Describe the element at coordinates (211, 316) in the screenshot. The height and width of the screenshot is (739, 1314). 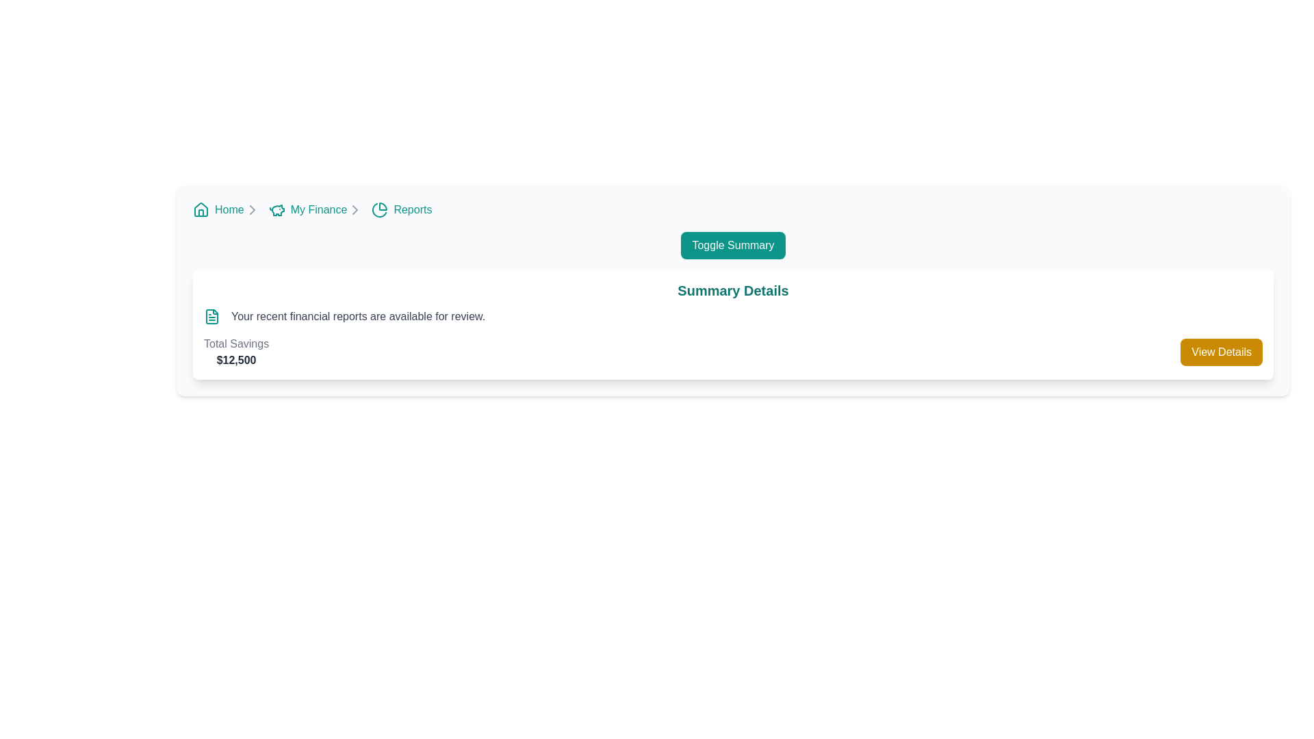
I see `the visual appearance of the report icon located at the beginning of the text line 'Your recent financial reports are available for review.' in the white-paneled section near the top left corner` at that location.